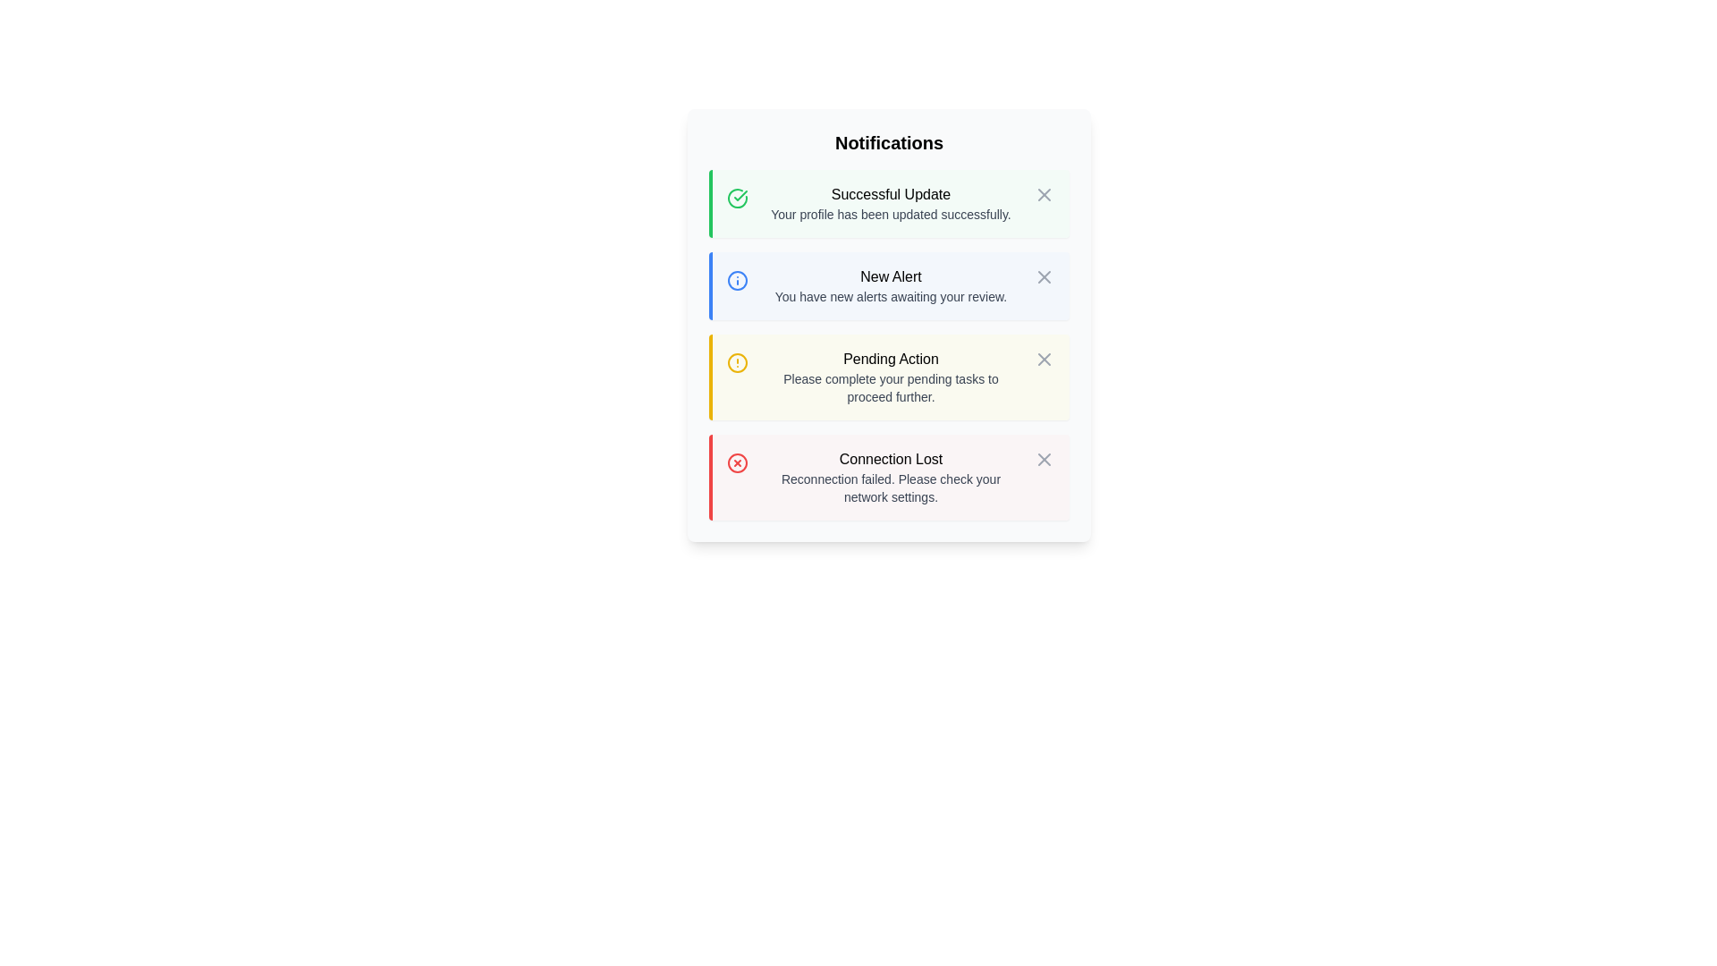 This screenshot has width=1717, height=966. Describe the element at coordinates (1044, 458) in the screenshot. I see `the dismiss icon button resembling an 'X' in the red area of the 'Connection Lost' notification` at that location.